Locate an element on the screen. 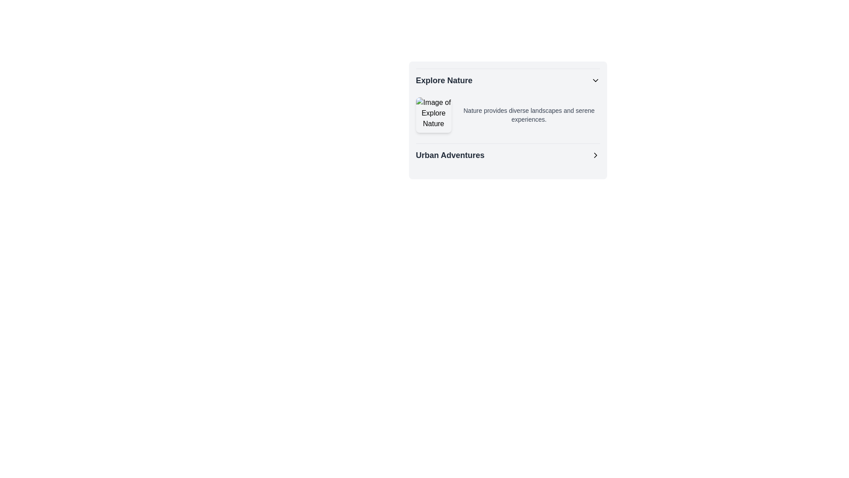 The image size is (849, 478). the downward-pointing chevron button located at the top-right corner of the 'Explore Nature' row is located at coordinates (595, 80).